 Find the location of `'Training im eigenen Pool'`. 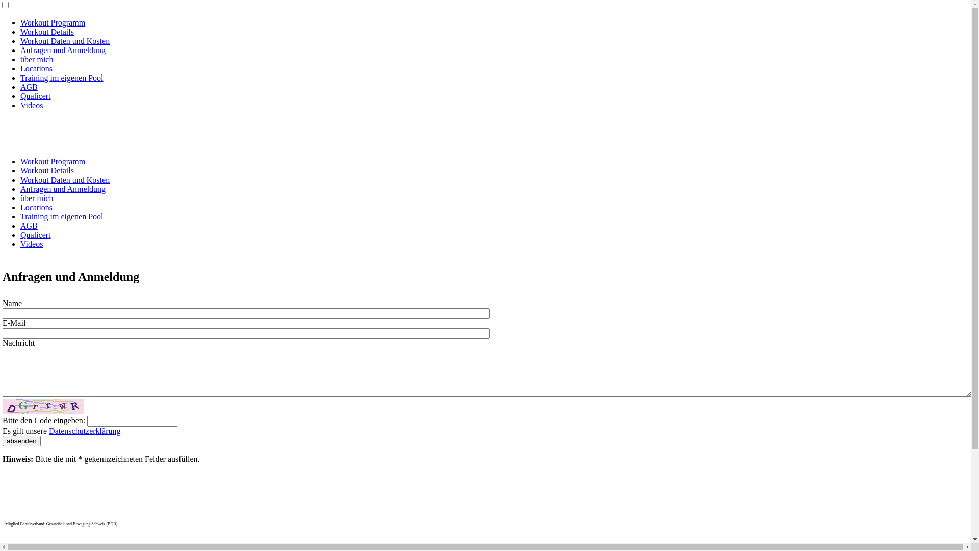

'Training im eigenen Pool' is located at coordinates (61, 216).